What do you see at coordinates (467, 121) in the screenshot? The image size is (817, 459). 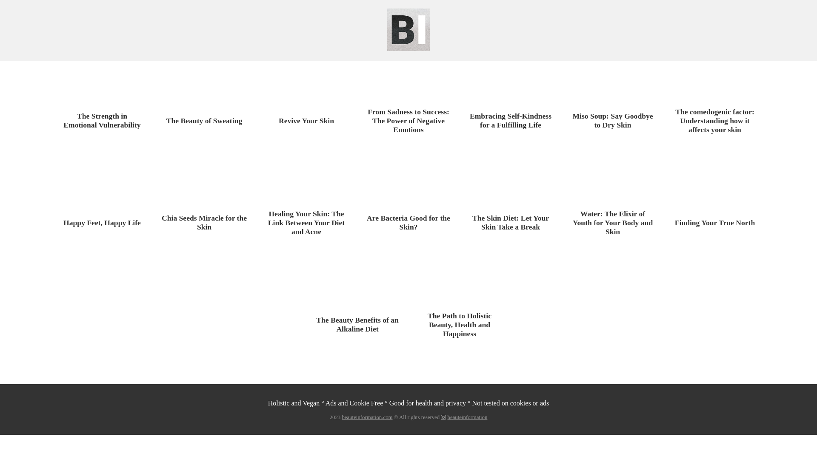 I see `'Embracing Self-Kindness for a Fulfilling Life'` at bounding box center [467, 121].